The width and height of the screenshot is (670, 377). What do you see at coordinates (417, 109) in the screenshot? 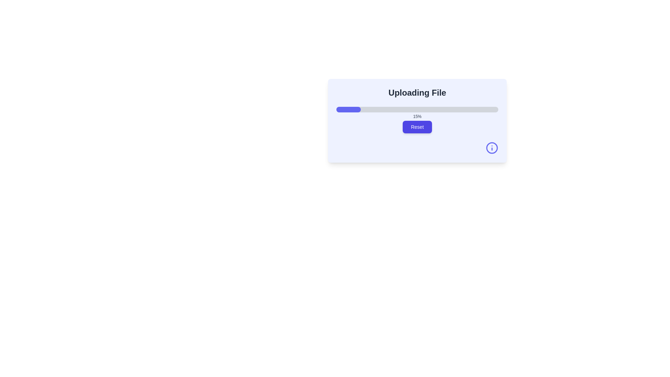
I see `the horizontal progress bar with light gray background and indigo filled portion, displaying '10%' text, located beneath the 'Uploading File' title and above the 'Reset' button` at bounding box center [417, 109].